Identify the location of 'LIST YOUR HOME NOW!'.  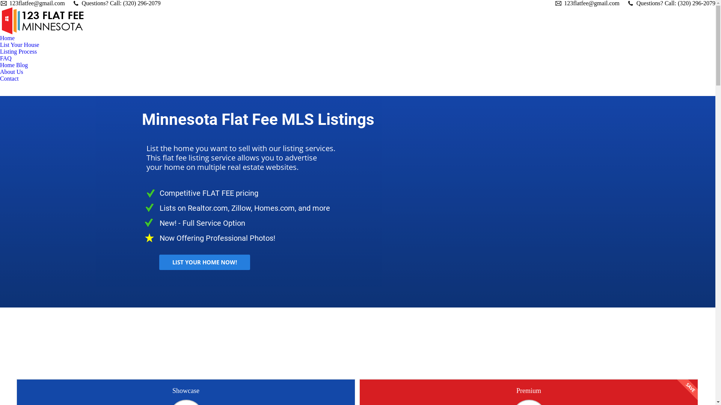
(205, 262).